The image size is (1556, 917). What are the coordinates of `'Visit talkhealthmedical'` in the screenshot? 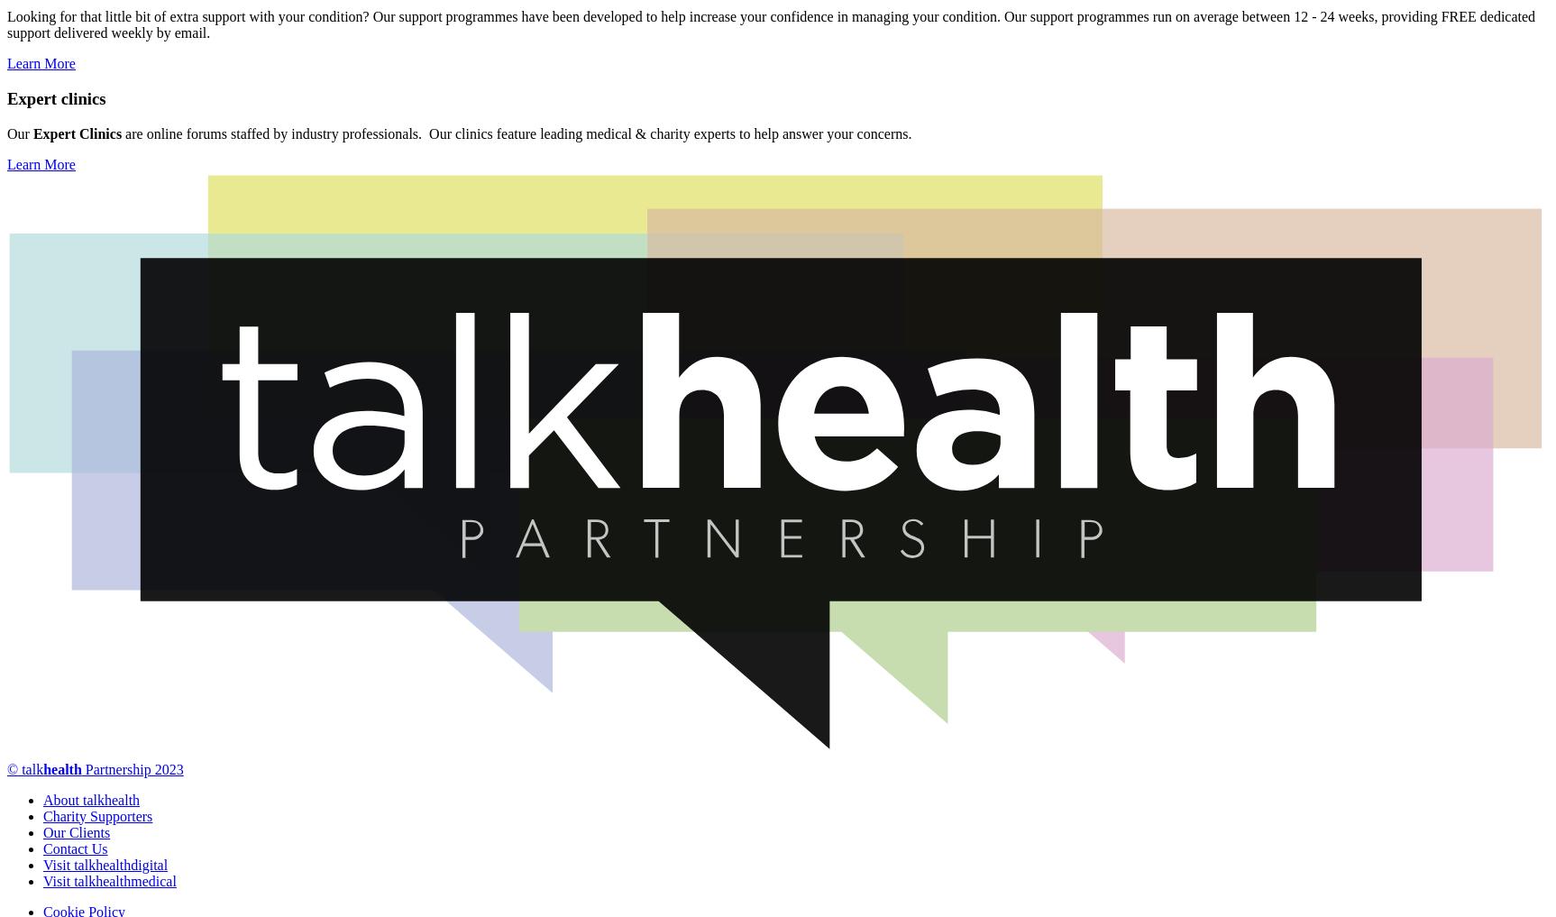 It's located at (108, 880).